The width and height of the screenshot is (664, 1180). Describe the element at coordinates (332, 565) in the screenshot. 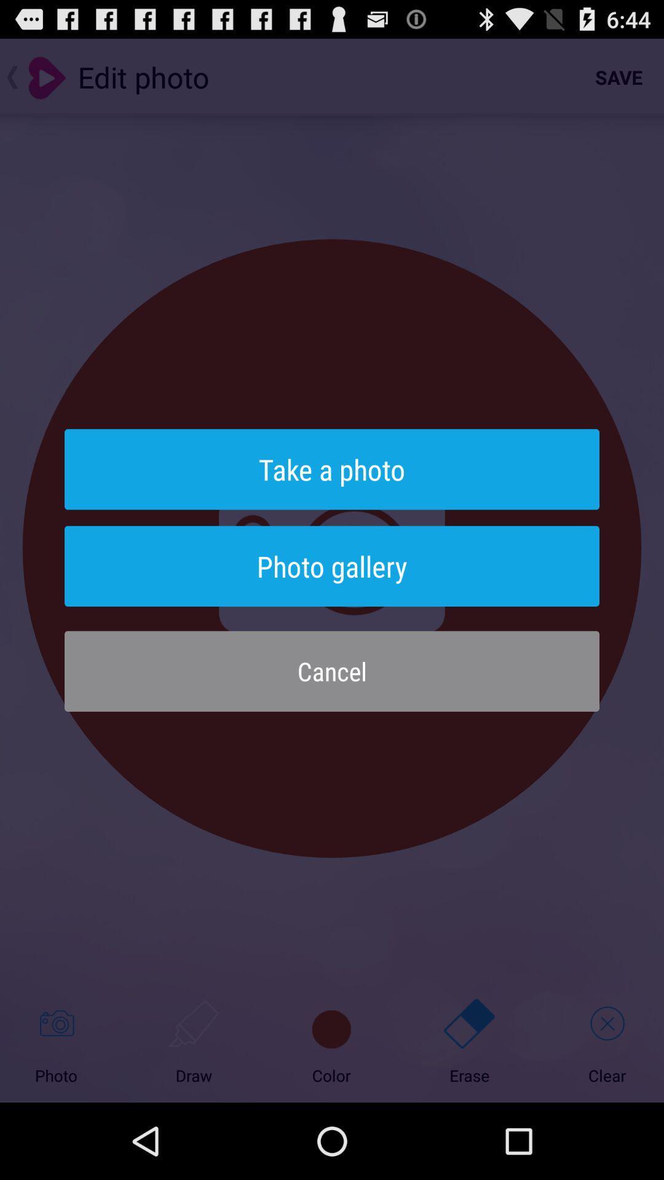

I see `the button below take a photo` at that location.